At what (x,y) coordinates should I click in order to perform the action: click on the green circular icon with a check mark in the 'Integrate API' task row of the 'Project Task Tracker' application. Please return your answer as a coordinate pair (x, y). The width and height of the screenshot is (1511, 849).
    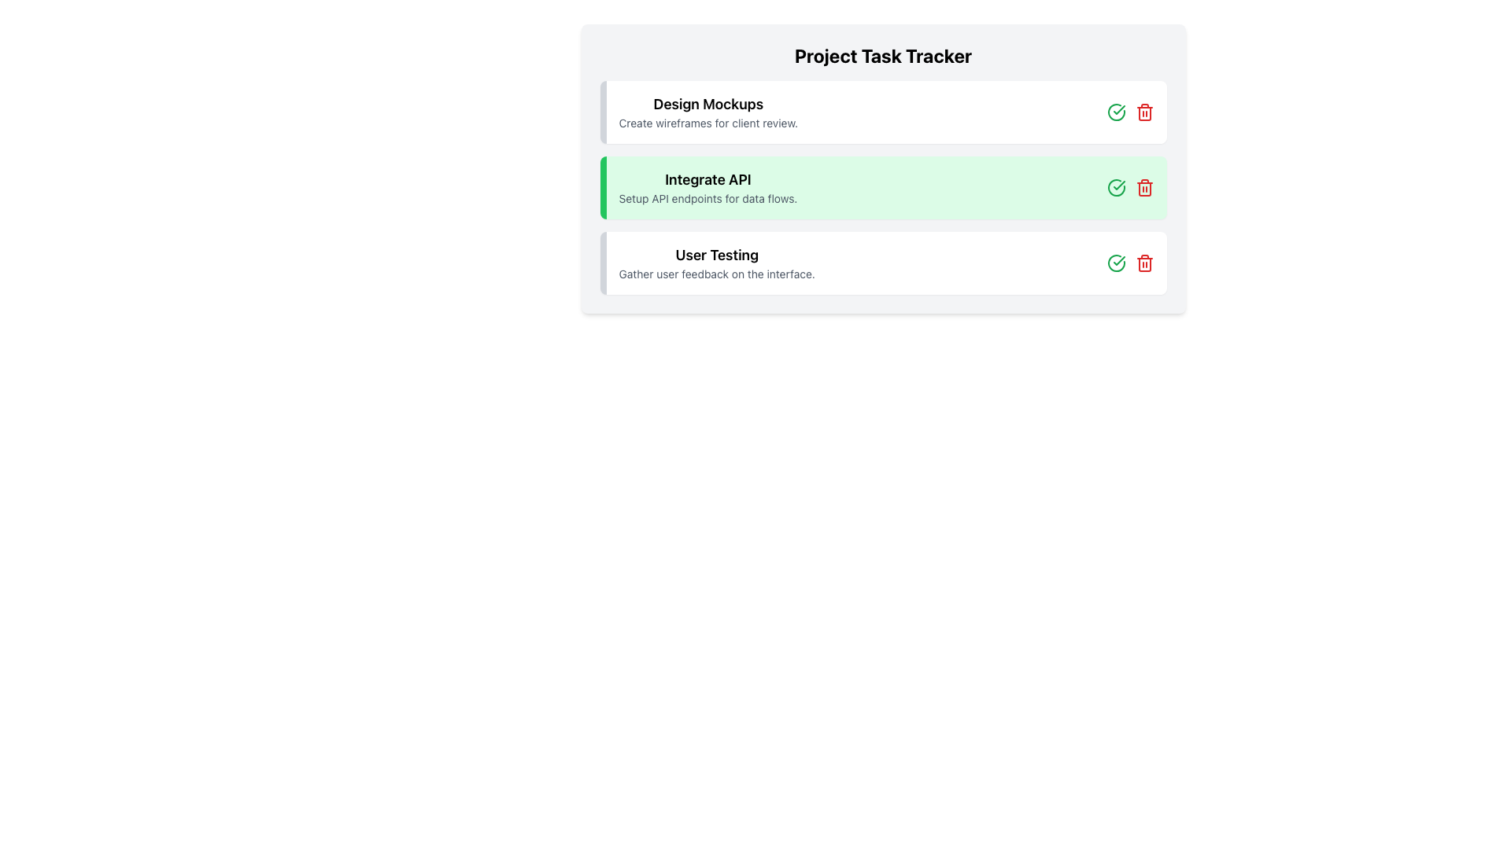
    Looking at the image, I should click on (1115, 187).